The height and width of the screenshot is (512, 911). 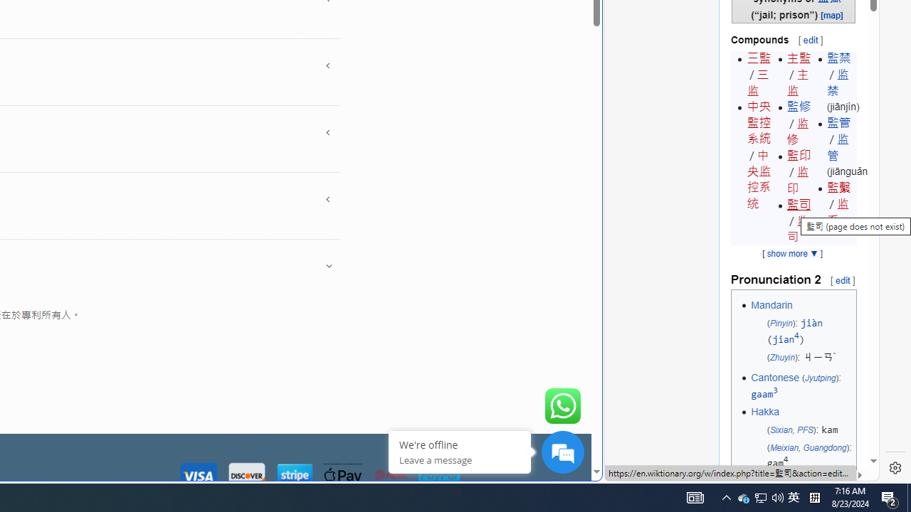 What do you see at coordinates (825, 446) in the screenshot?
I see `'Guangdong'` at bounding box center [825, 446].